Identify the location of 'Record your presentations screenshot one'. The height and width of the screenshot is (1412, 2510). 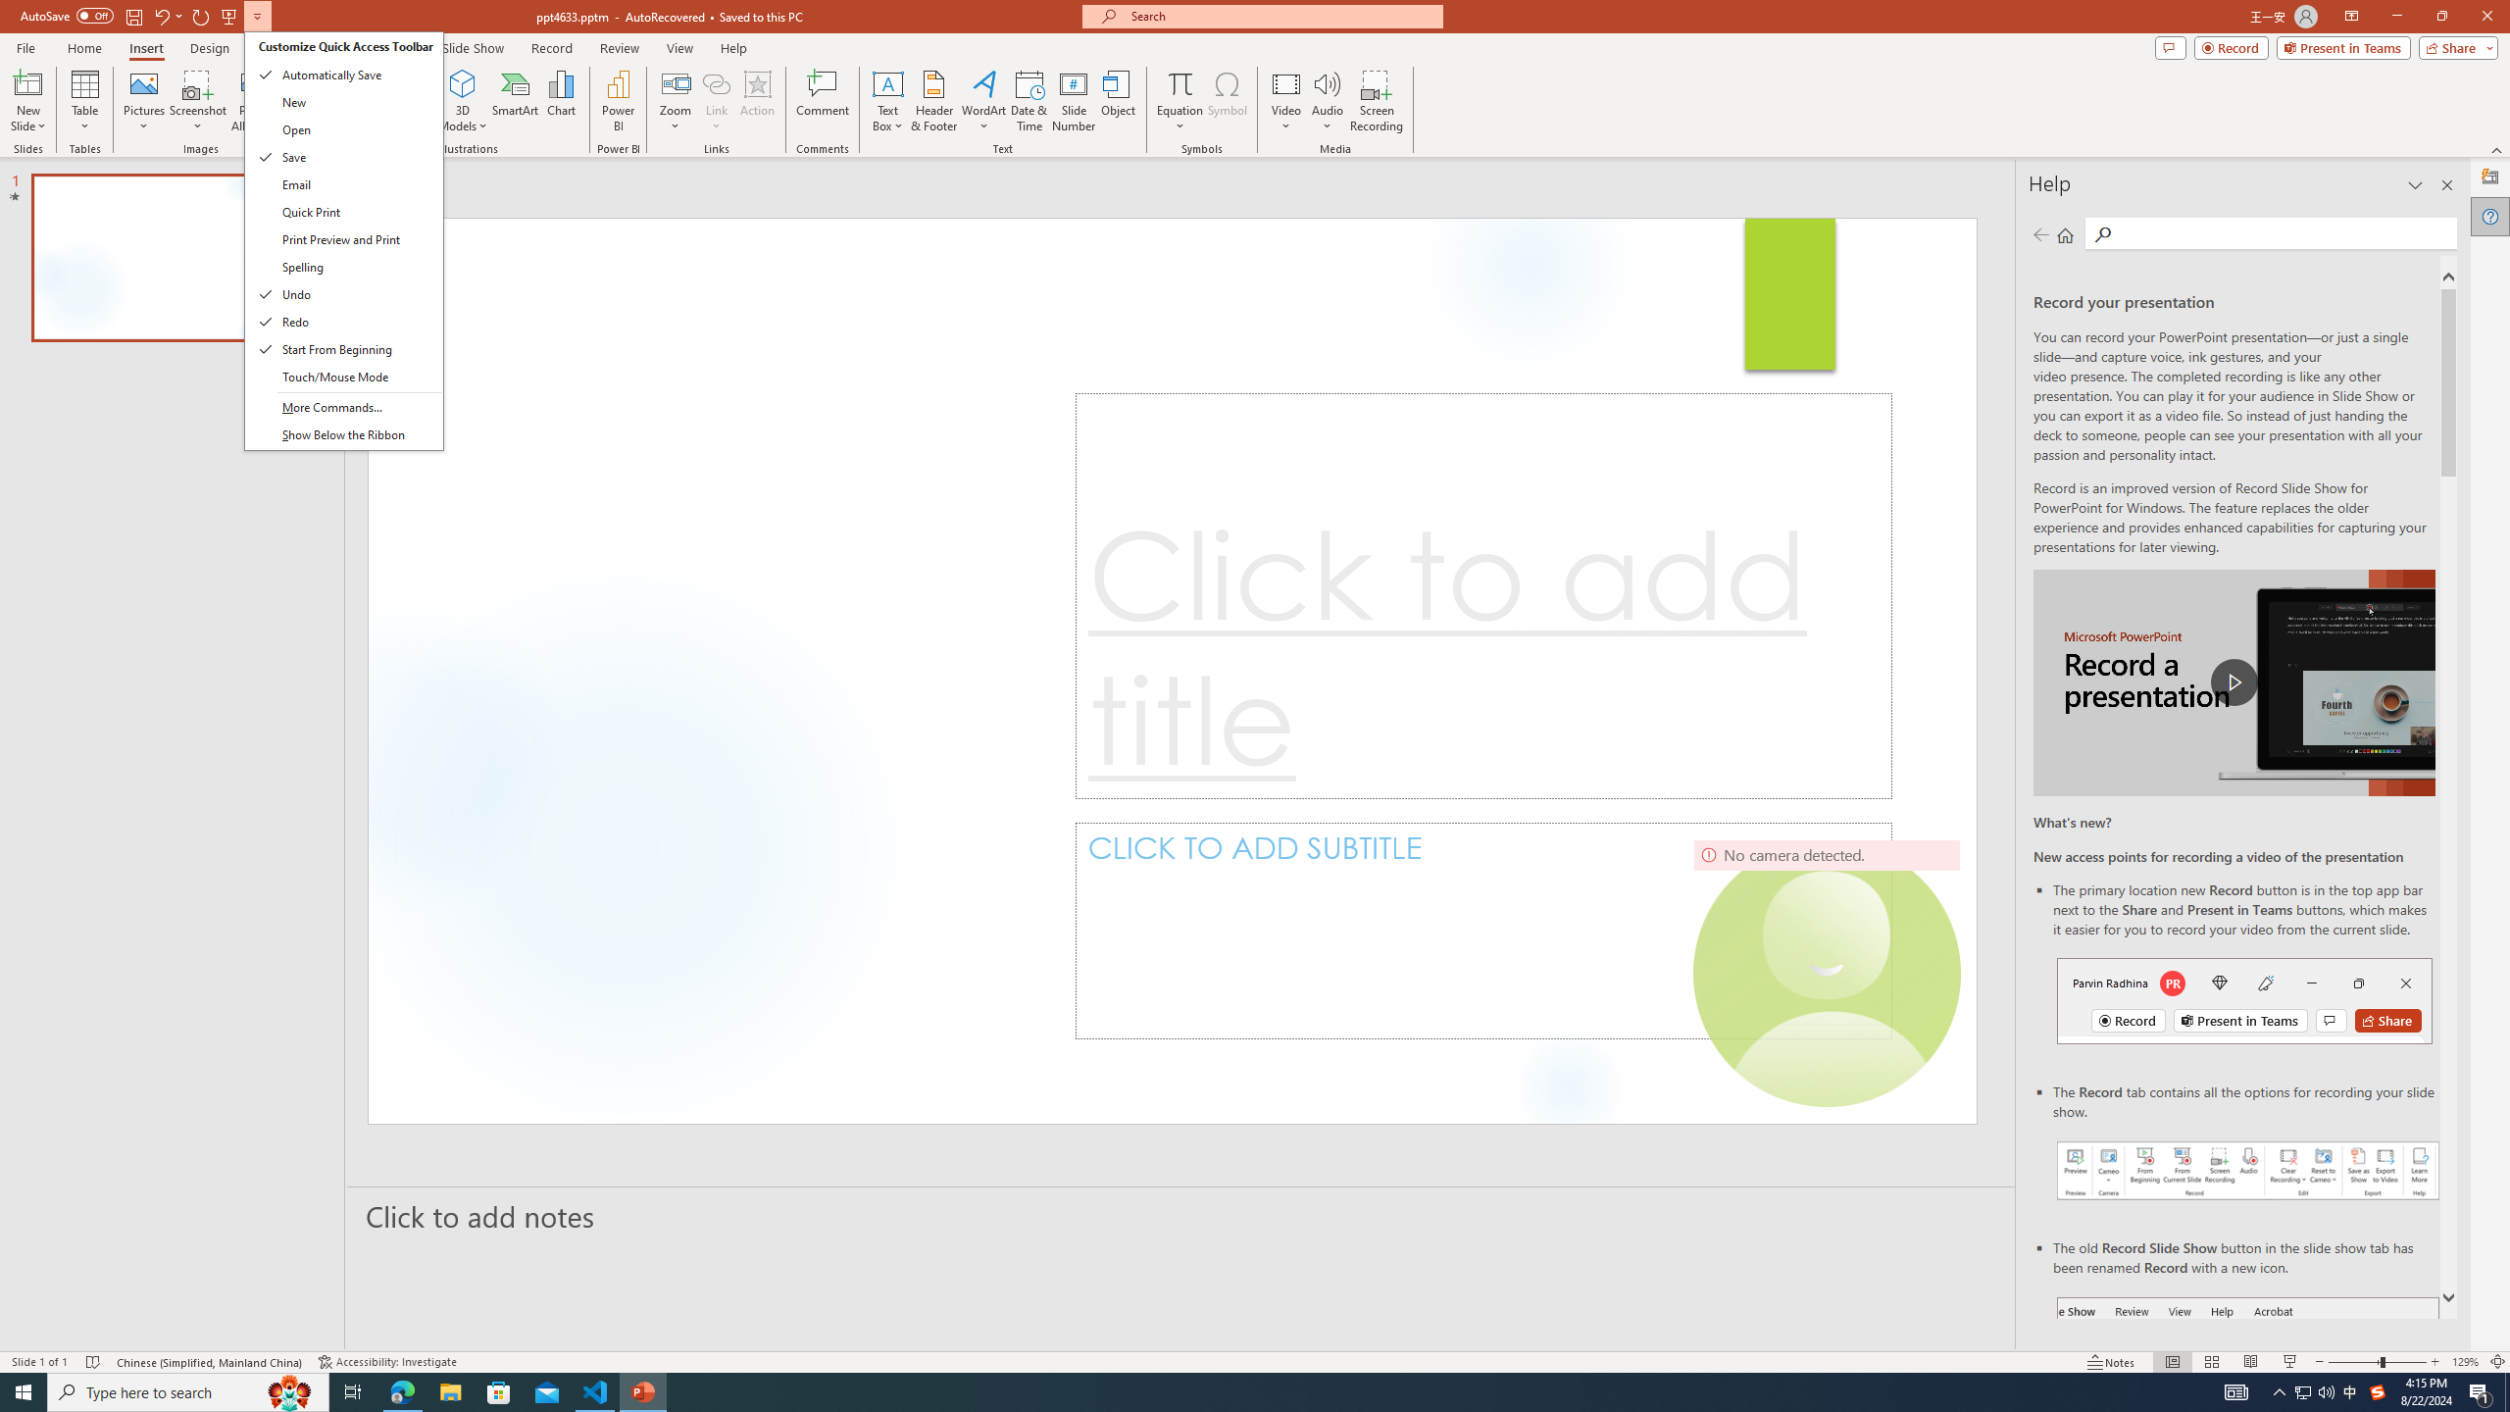
(2247, 1169).